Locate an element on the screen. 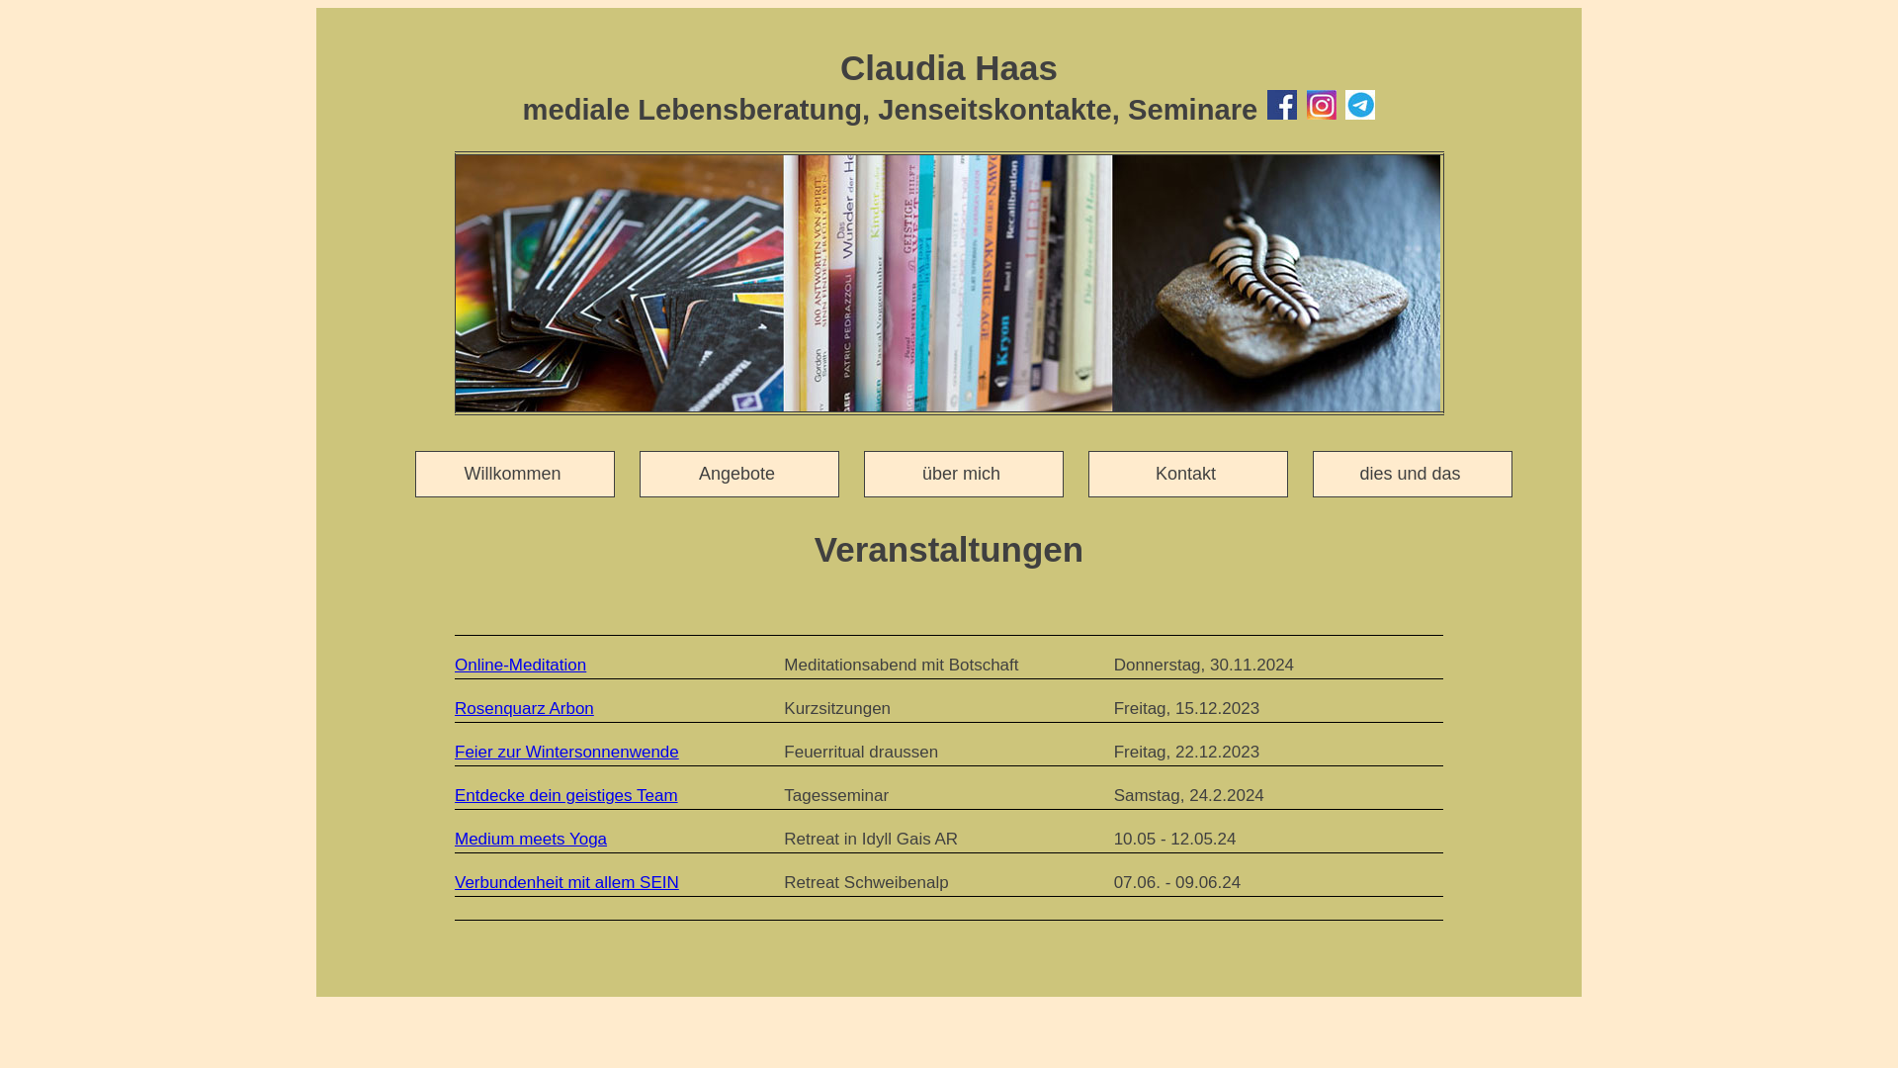 The height and width of the screenshot is (1068, 1898). 'Willkommen ' is located at coordinates (414, 474).